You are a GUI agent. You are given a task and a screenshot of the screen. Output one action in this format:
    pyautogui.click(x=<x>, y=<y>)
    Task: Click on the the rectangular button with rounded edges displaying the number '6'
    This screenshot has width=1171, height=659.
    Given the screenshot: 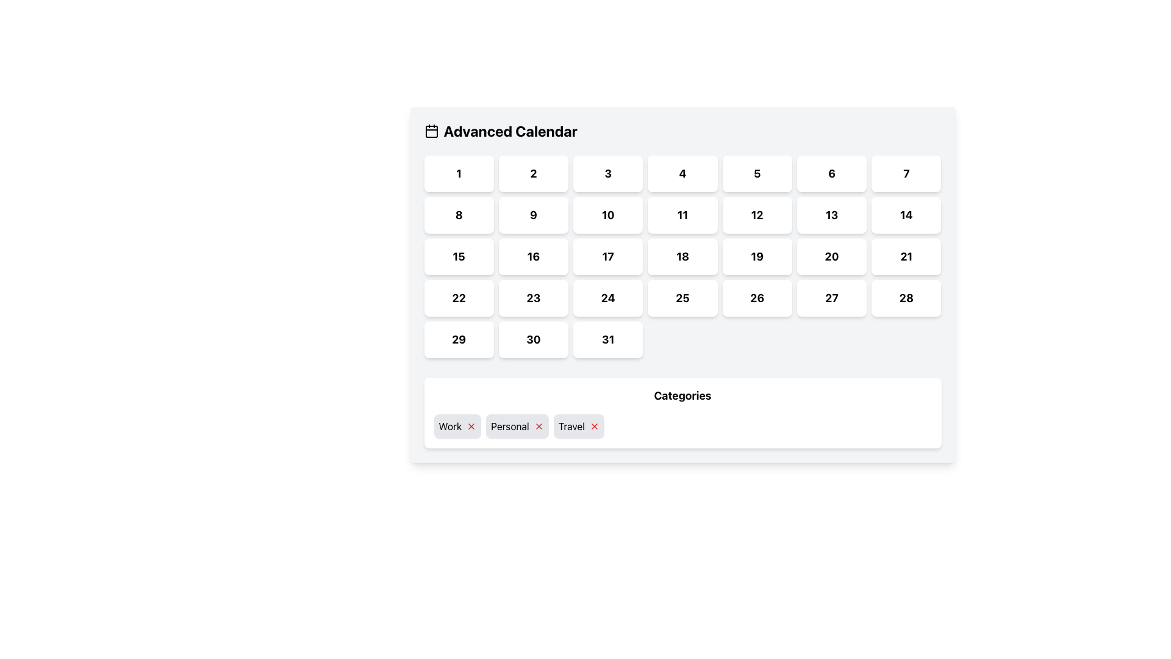 What is the action you would take?
    pyautogui.click(x=831, y=174)
    